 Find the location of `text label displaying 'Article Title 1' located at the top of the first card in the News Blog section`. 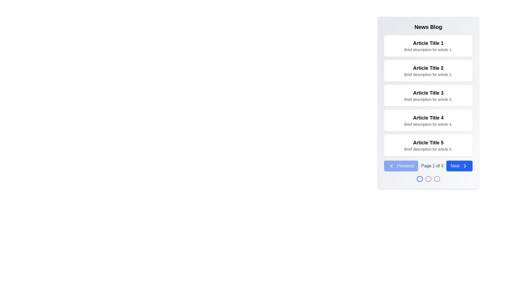

text label displaying 'Article Title 1' located at the top of the first card in the News Blog section is located at coordinates (428, 43).